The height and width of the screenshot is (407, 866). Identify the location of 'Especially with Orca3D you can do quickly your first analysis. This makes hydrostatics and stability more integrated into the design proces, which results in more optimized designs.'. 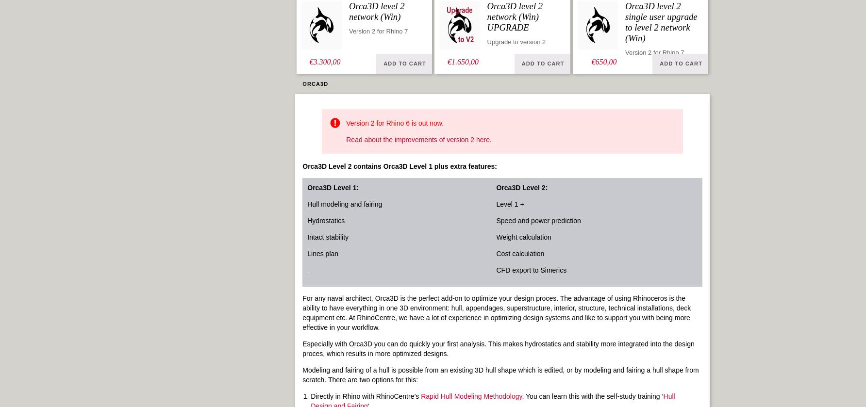
(498, 348).